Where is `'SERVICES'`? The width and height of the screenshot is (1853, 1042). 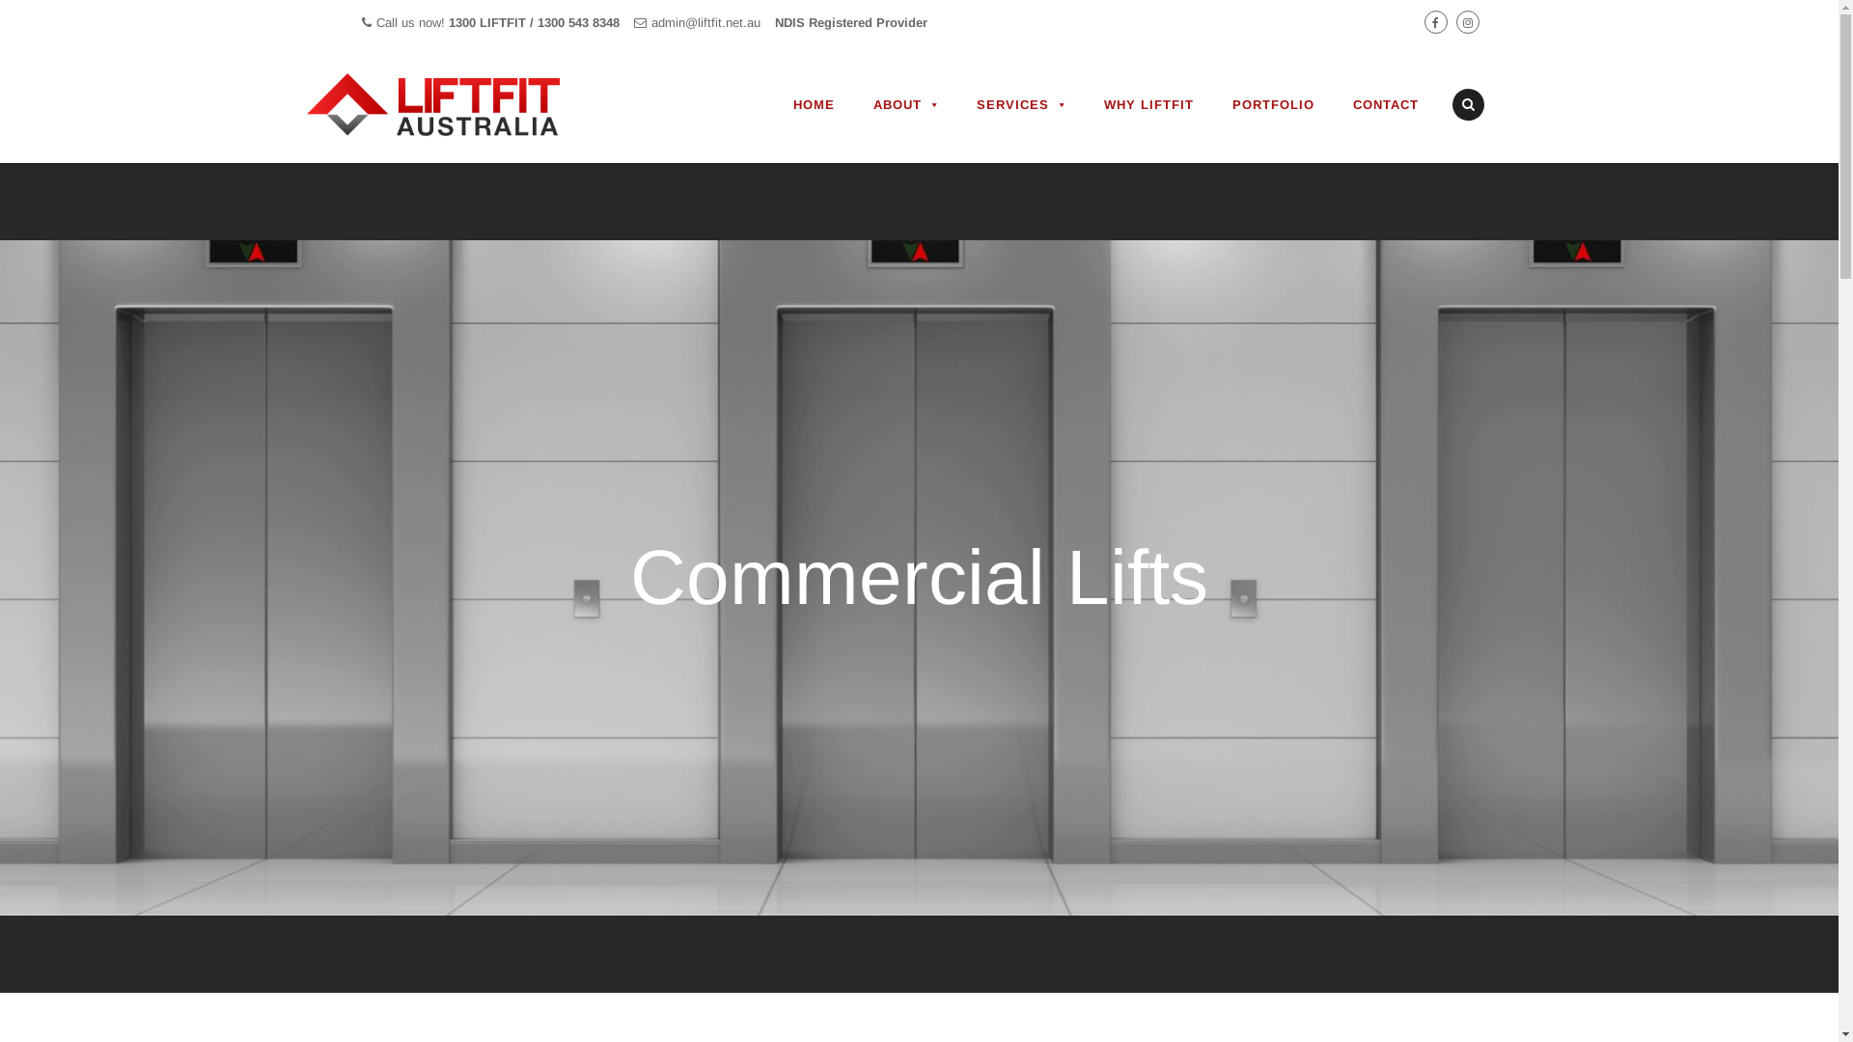
'SERVICES' is located at coordinates (1019, 104).